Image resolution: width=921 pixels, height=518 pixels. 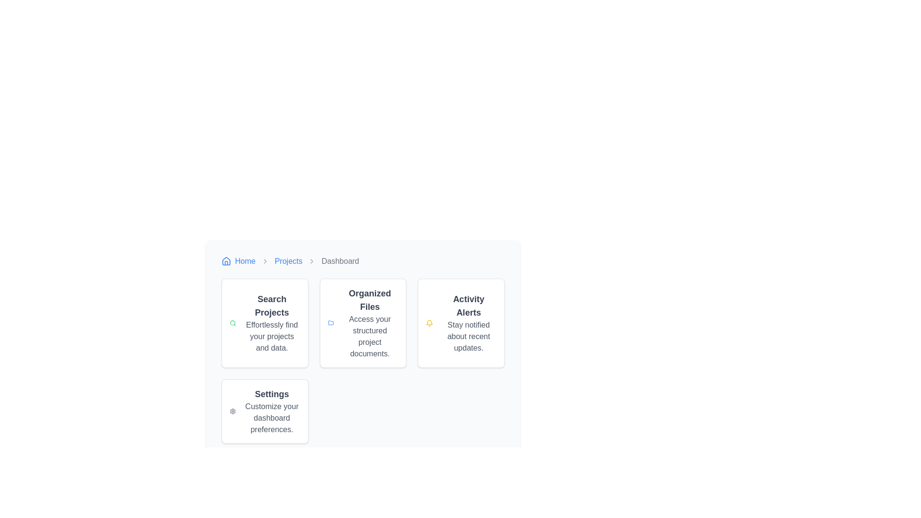 What do you see at coordinates (369, 299) in the screenshot?
I see `the heading text 'Organized Files', which is displayed in bold, larger font and dark gray color, located at the top of the second card in a row of three cards on the dashboard` at bounding box center [369, 299].